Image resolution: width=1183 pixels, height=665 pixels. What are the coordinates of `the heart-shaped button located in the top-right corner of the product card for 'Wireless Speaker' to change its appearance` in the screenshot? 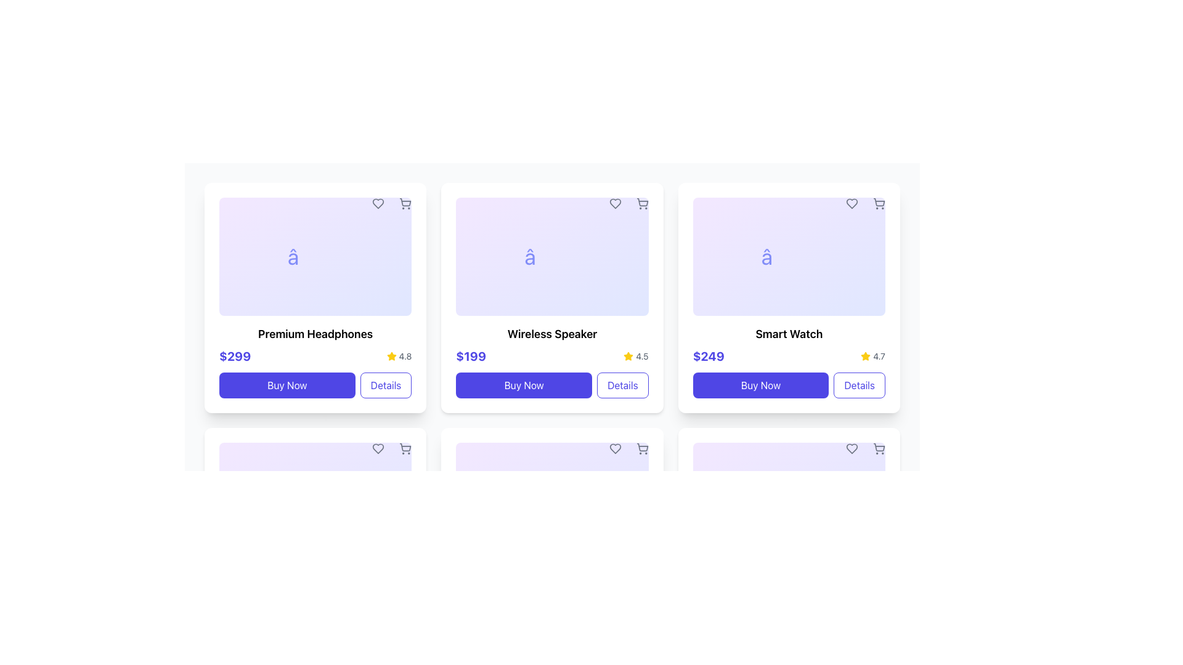 It's located at (615, 203).